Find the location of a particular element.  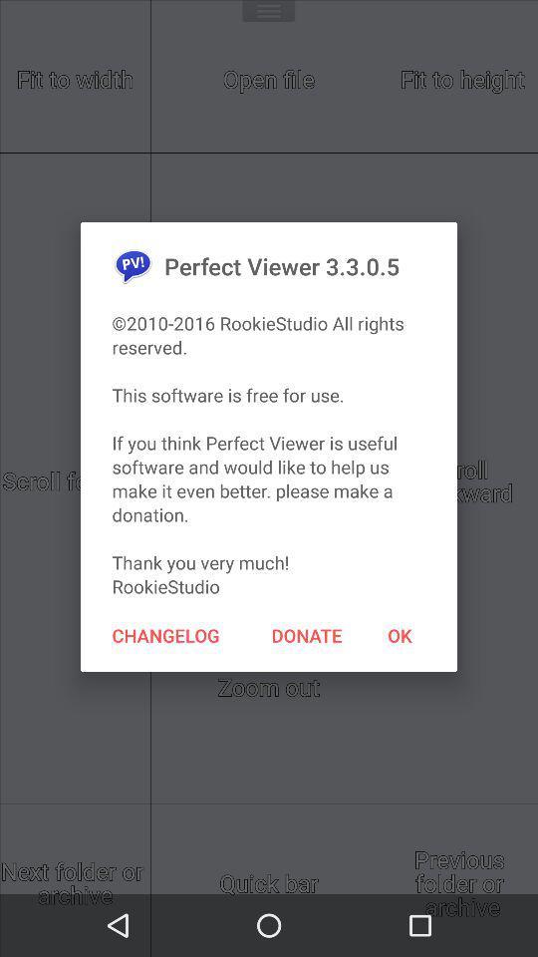

the item below the 2010 2016 rookiestudio is located at coordinates (164, 634).